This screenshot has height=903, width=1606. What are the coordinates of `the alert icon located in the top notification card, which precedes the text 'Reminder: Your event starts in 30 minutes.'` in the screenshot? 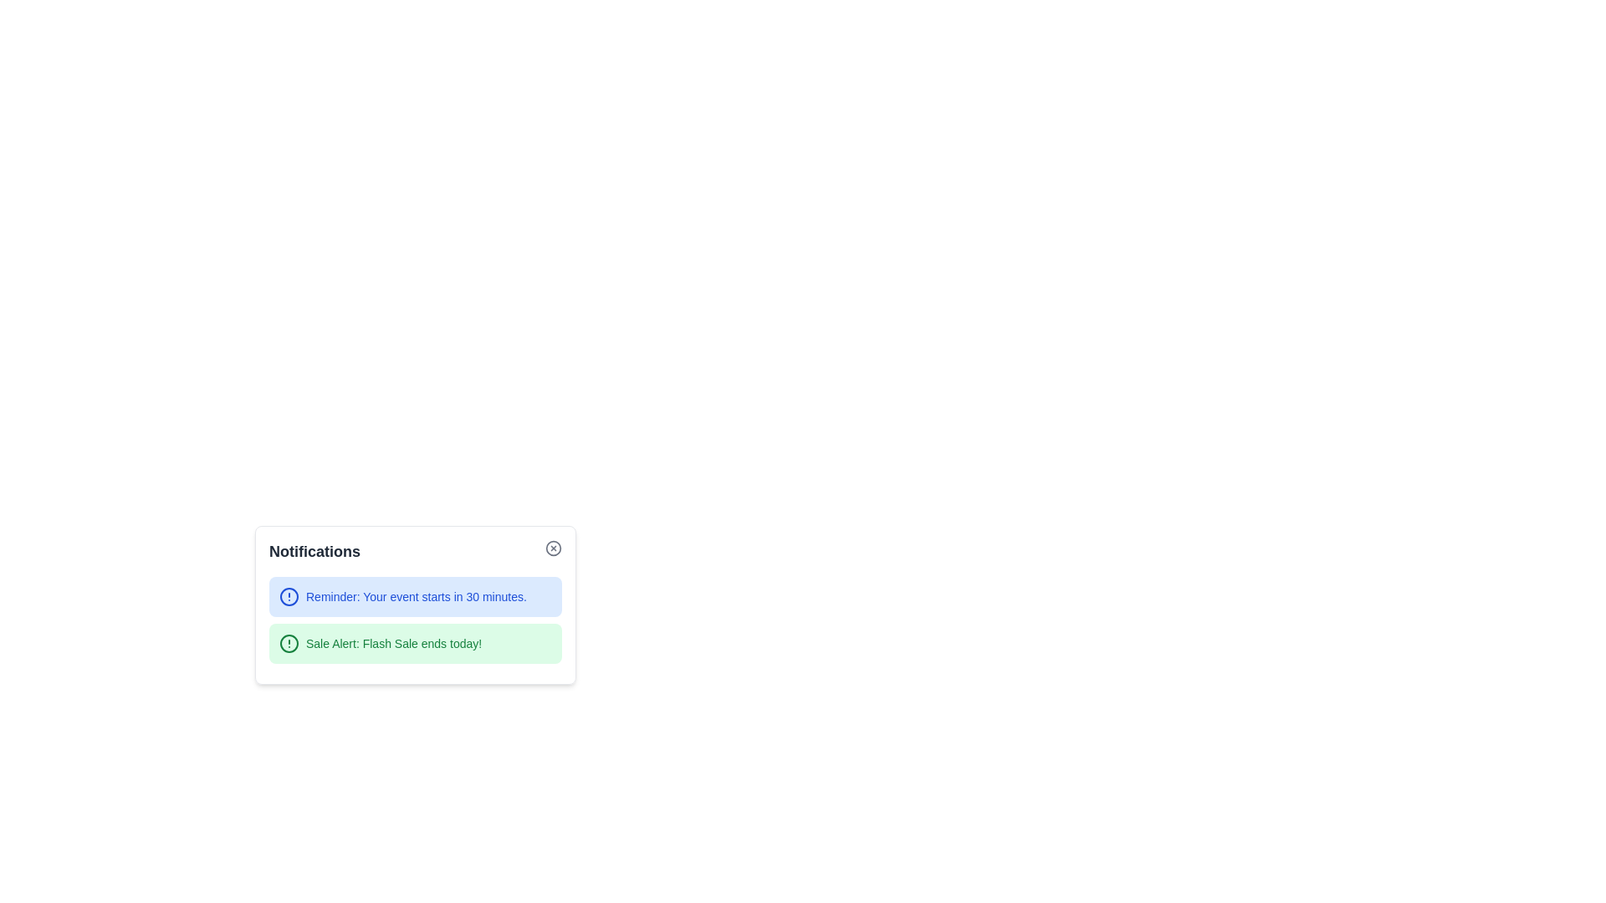 It's located at (289, 595).